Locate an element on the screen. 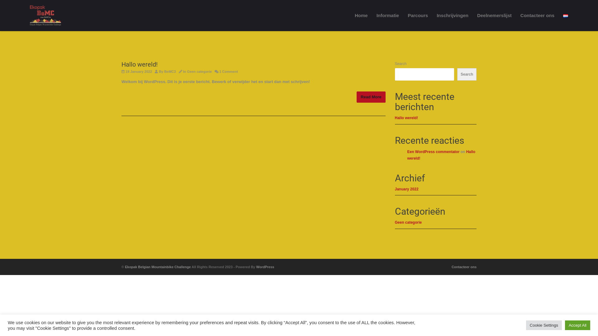 Image resolution: width=598 pixels, height=336 pixels. 'Accept All' is located at coordinates (577, 325).